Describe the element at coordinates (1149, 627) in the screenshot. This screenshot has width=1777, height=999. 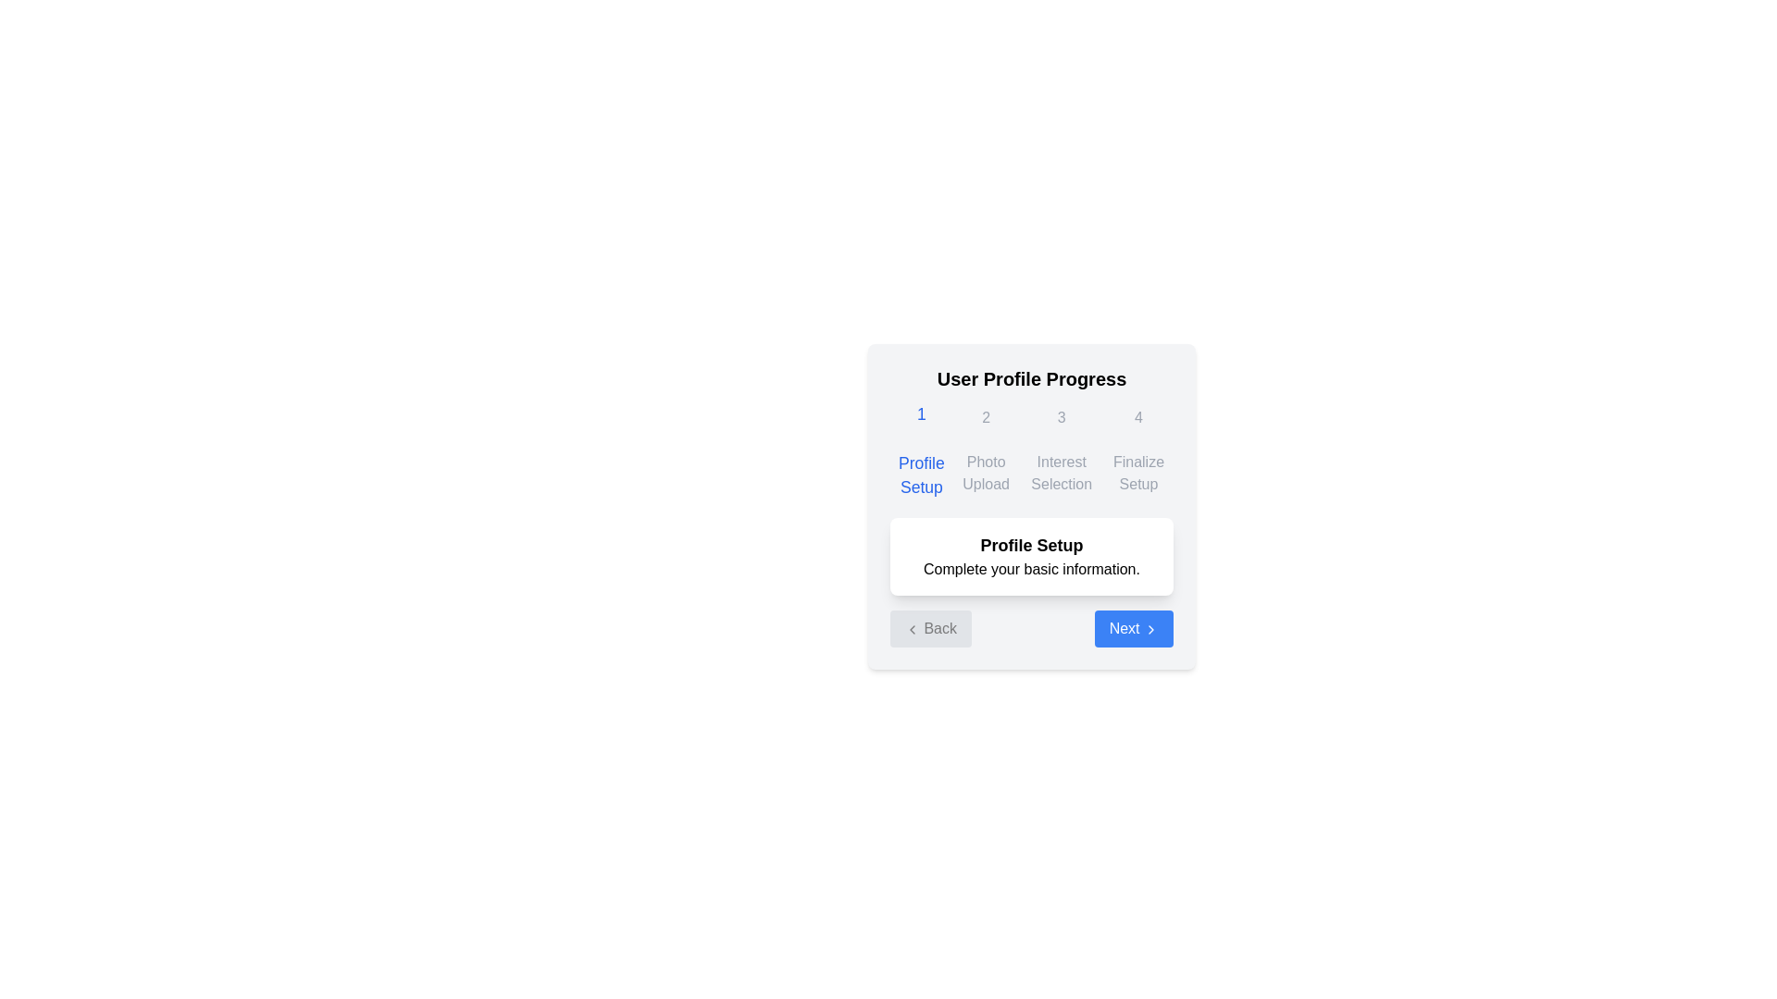
I see `the chevron arrow SVG icon located on the right side of the blue 'Next' button in the bottom-right corner of the interface under 'Profile Setup'` at that location.